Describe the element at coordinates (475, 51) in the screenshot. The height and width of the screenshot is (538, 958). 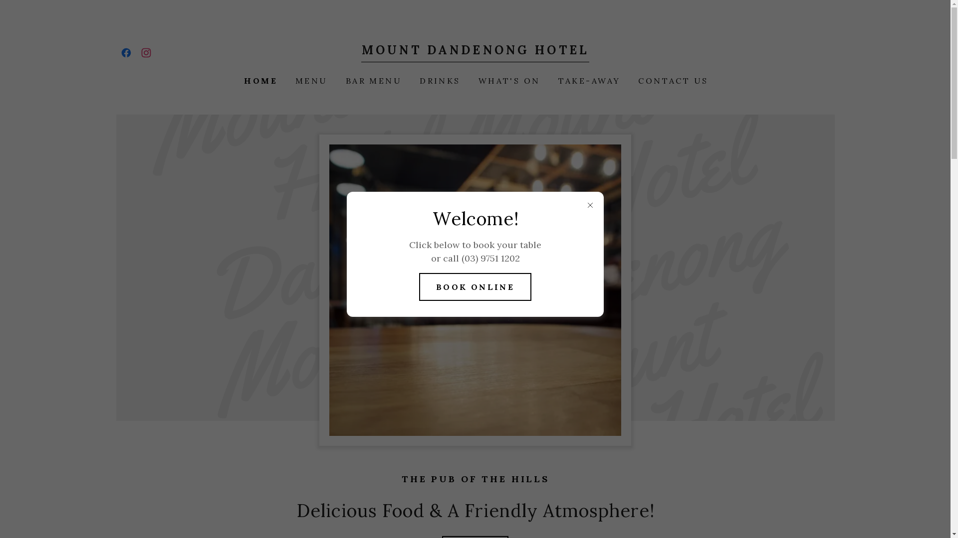
I see `'MOUNT DANDENONG HOTEL'` at that location.